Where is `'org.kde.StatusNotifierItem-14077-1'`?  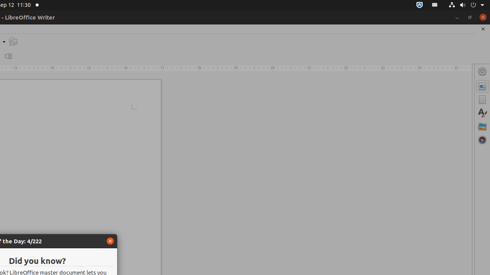 'org.kde.StatusNotifierItem-14077-1' is located at coordinates (435, 5).